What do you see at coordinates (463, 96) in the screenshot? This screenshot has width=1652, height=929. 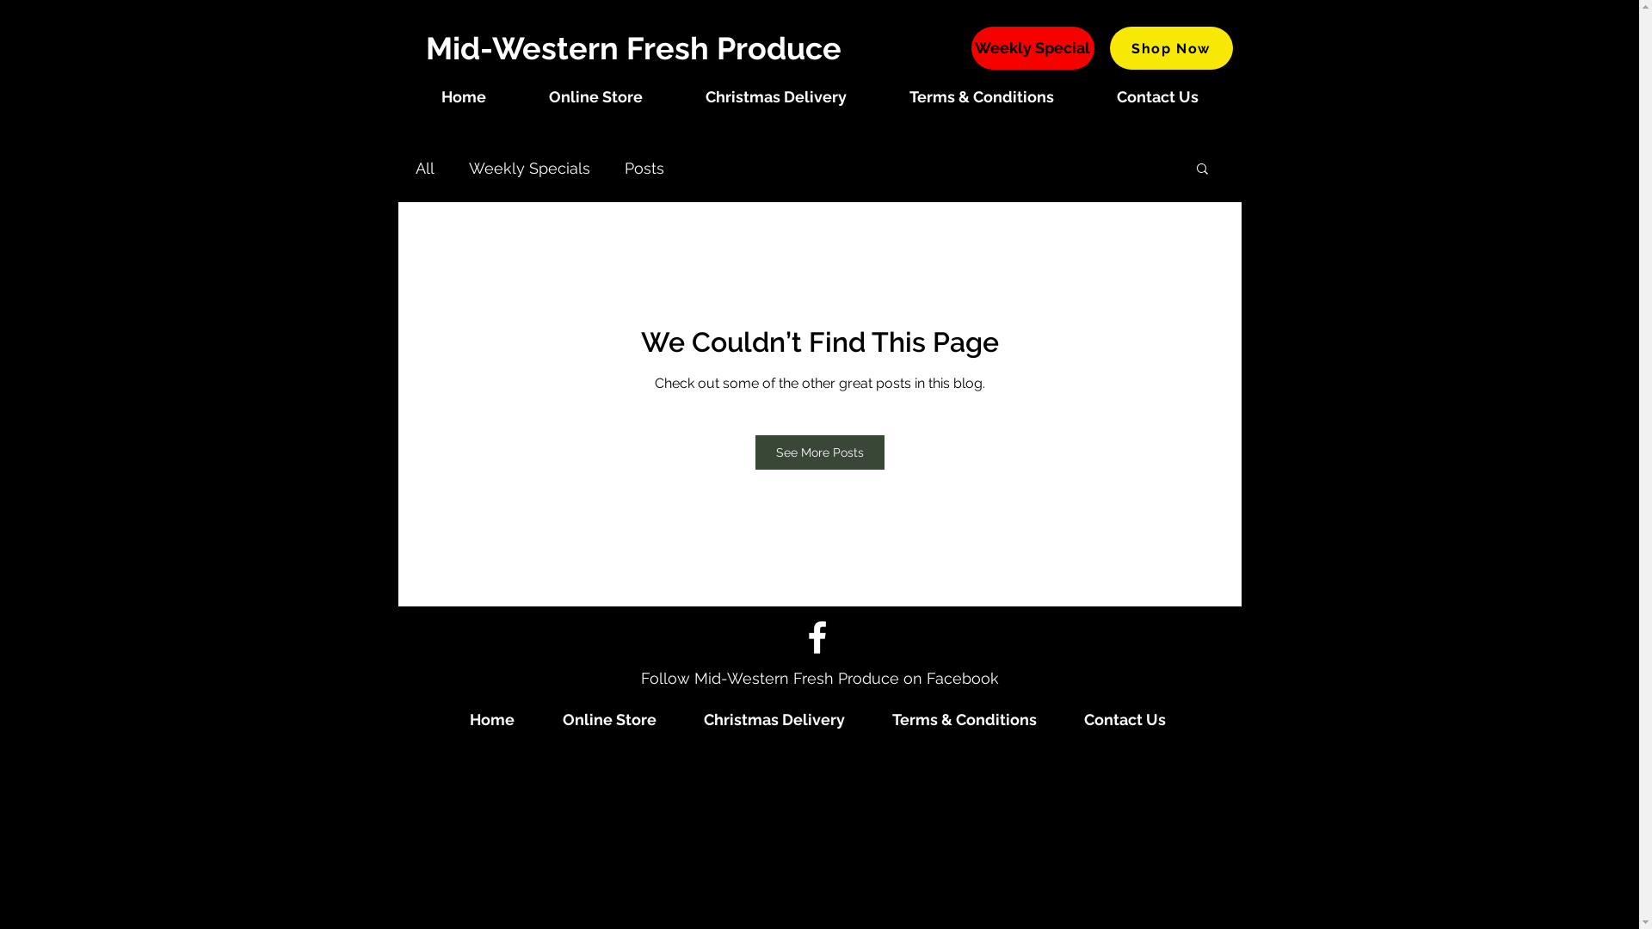 I see `'Home'` at bounding box center [463, 96].